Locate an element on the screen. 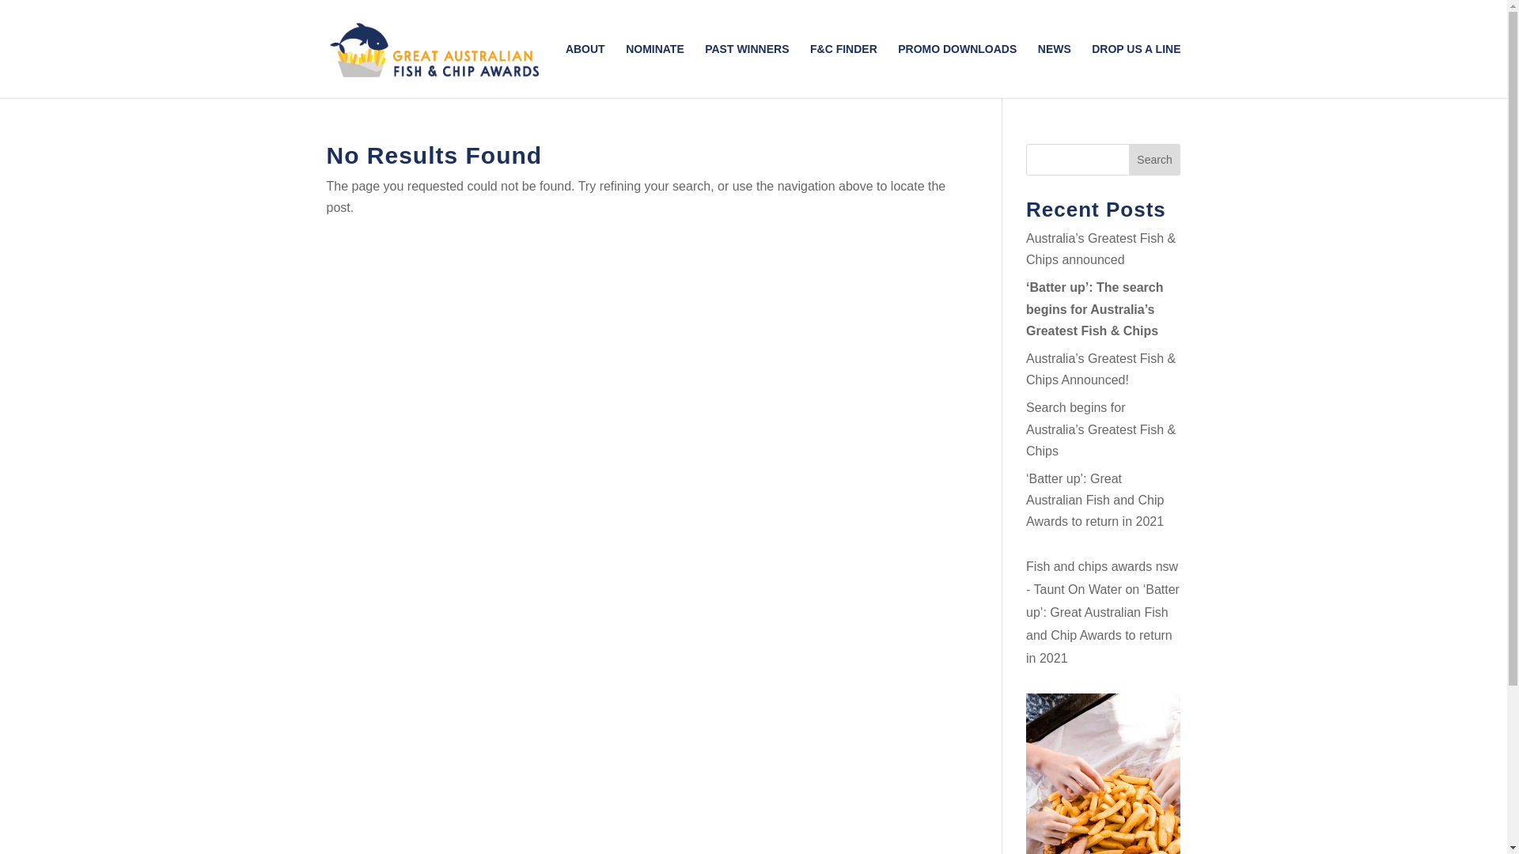  'ABOUT' is located at coordinates (584, 70).